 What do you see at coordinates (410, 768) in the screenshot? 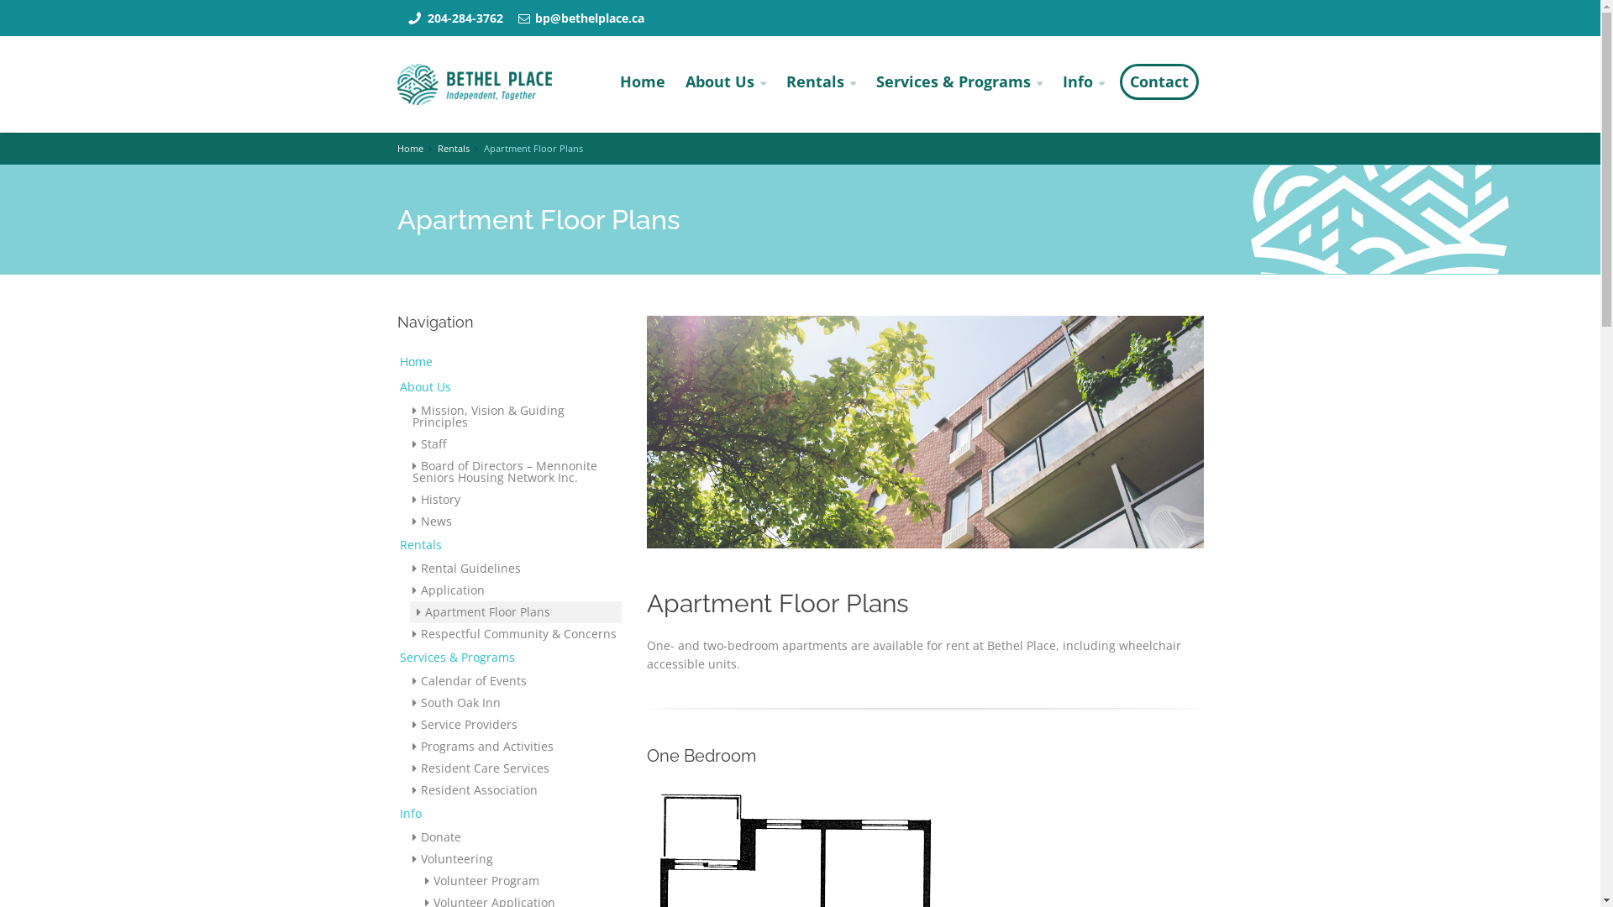
I see `'Resident Care Services'` at bounding box center [410, 768].